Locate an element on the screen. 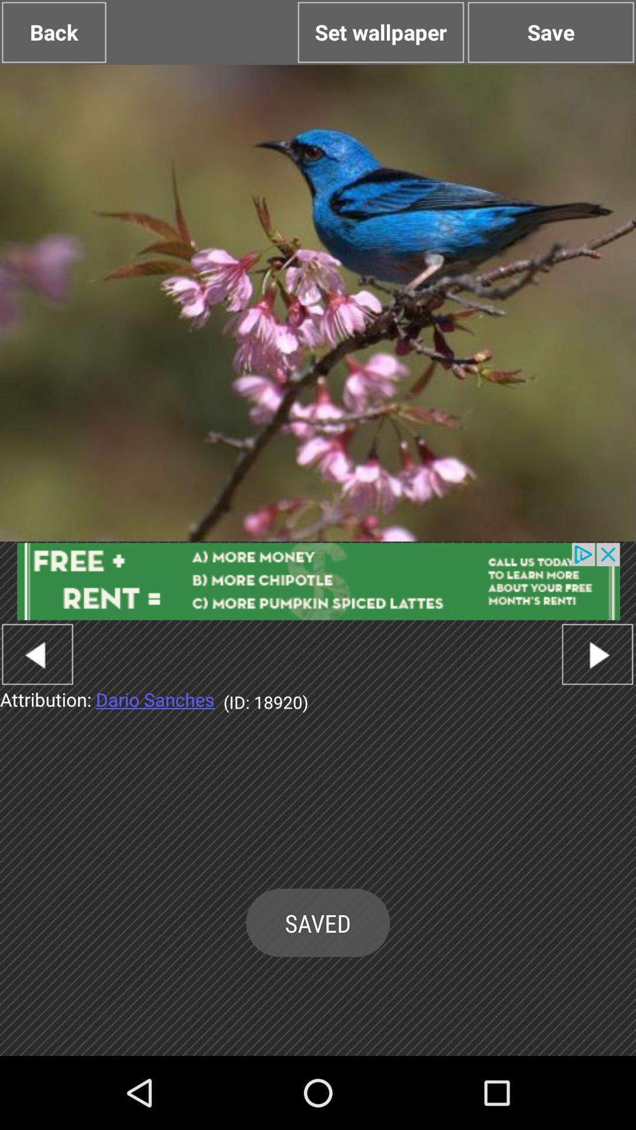  the next option is located at coordinates (597, 653).